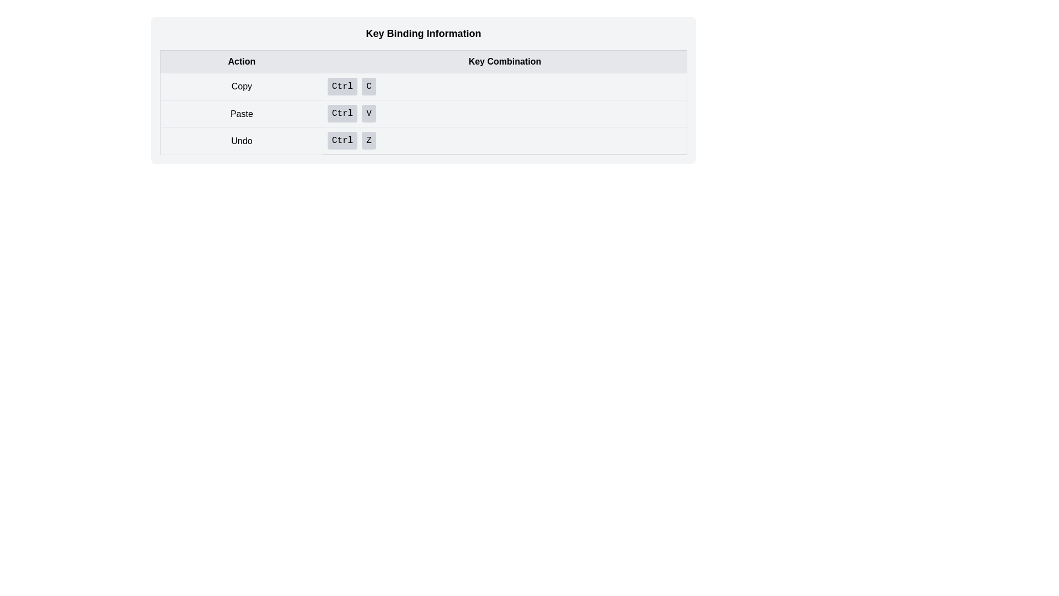 This screenshot has width=1059, height=596. What do you see at coordinates (241, 61) in the screenshot?
I see `text from the header label displaying 'Action' in bold font, located in the left column of the header row of a table layout` at bounding box center [241, 61].